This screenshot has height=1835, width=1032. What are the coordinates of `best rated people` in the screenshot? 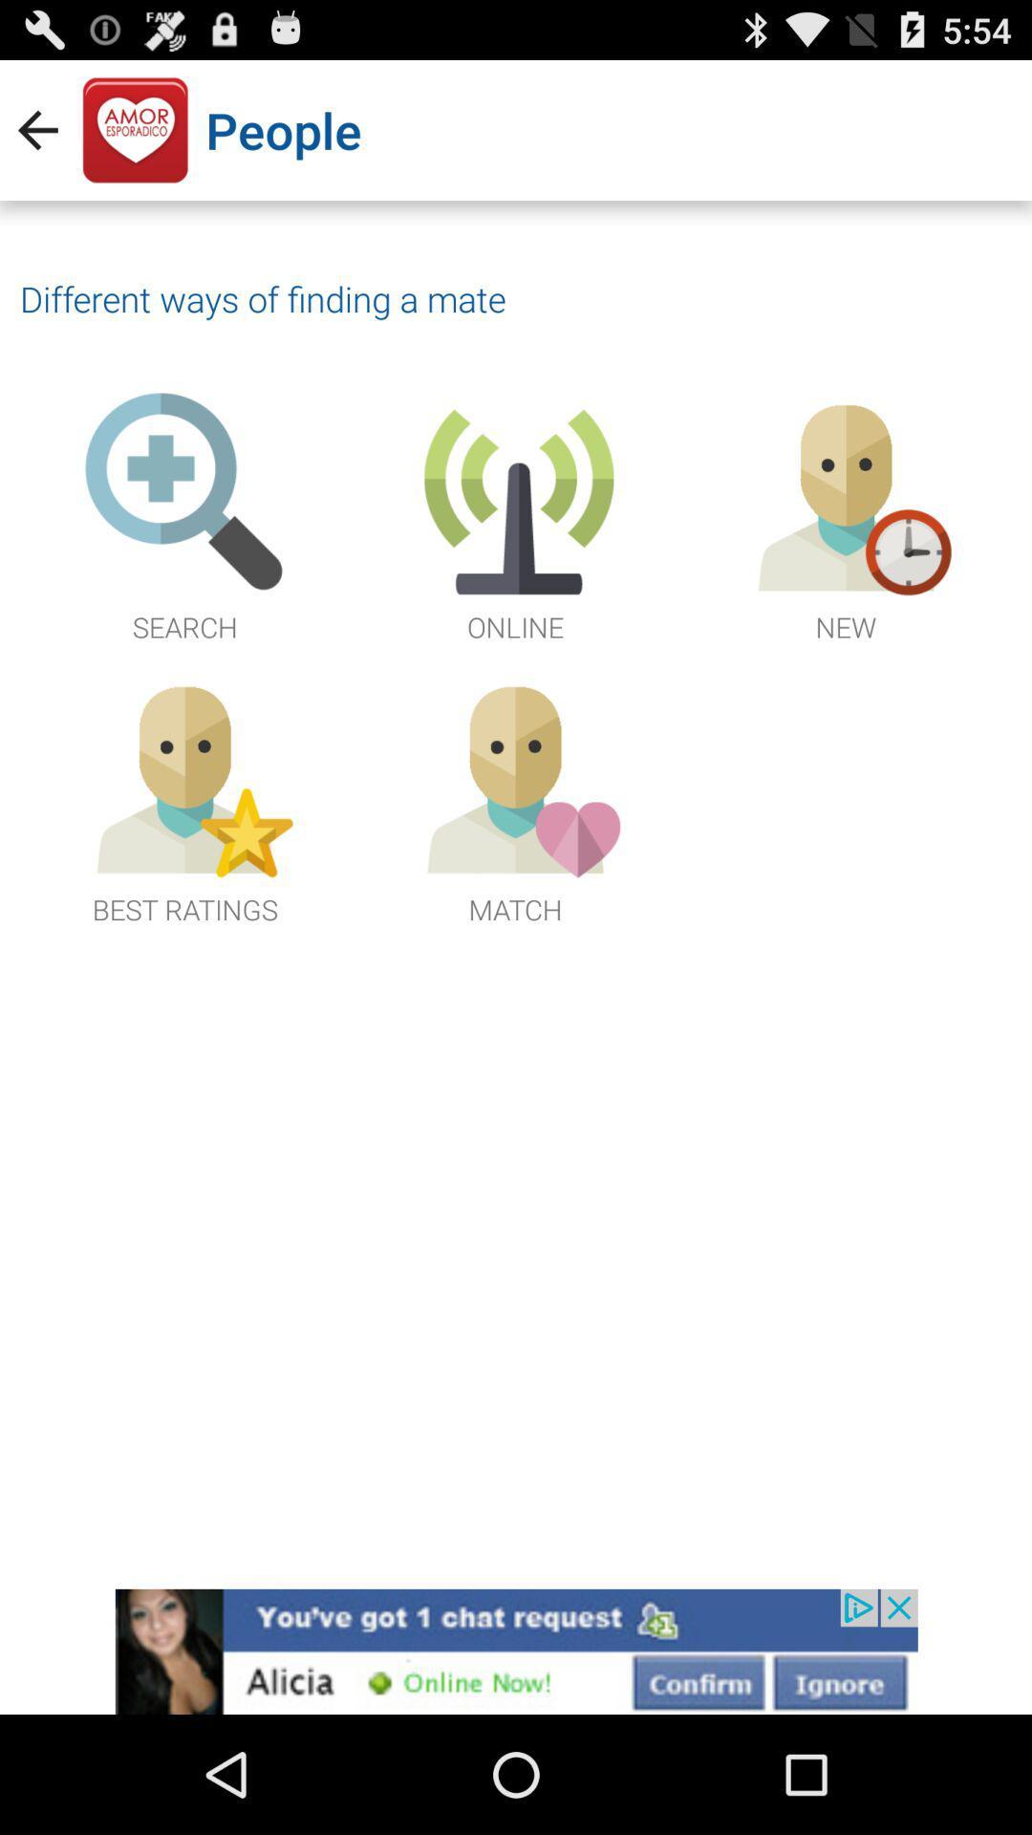 It's located at (184, 799).